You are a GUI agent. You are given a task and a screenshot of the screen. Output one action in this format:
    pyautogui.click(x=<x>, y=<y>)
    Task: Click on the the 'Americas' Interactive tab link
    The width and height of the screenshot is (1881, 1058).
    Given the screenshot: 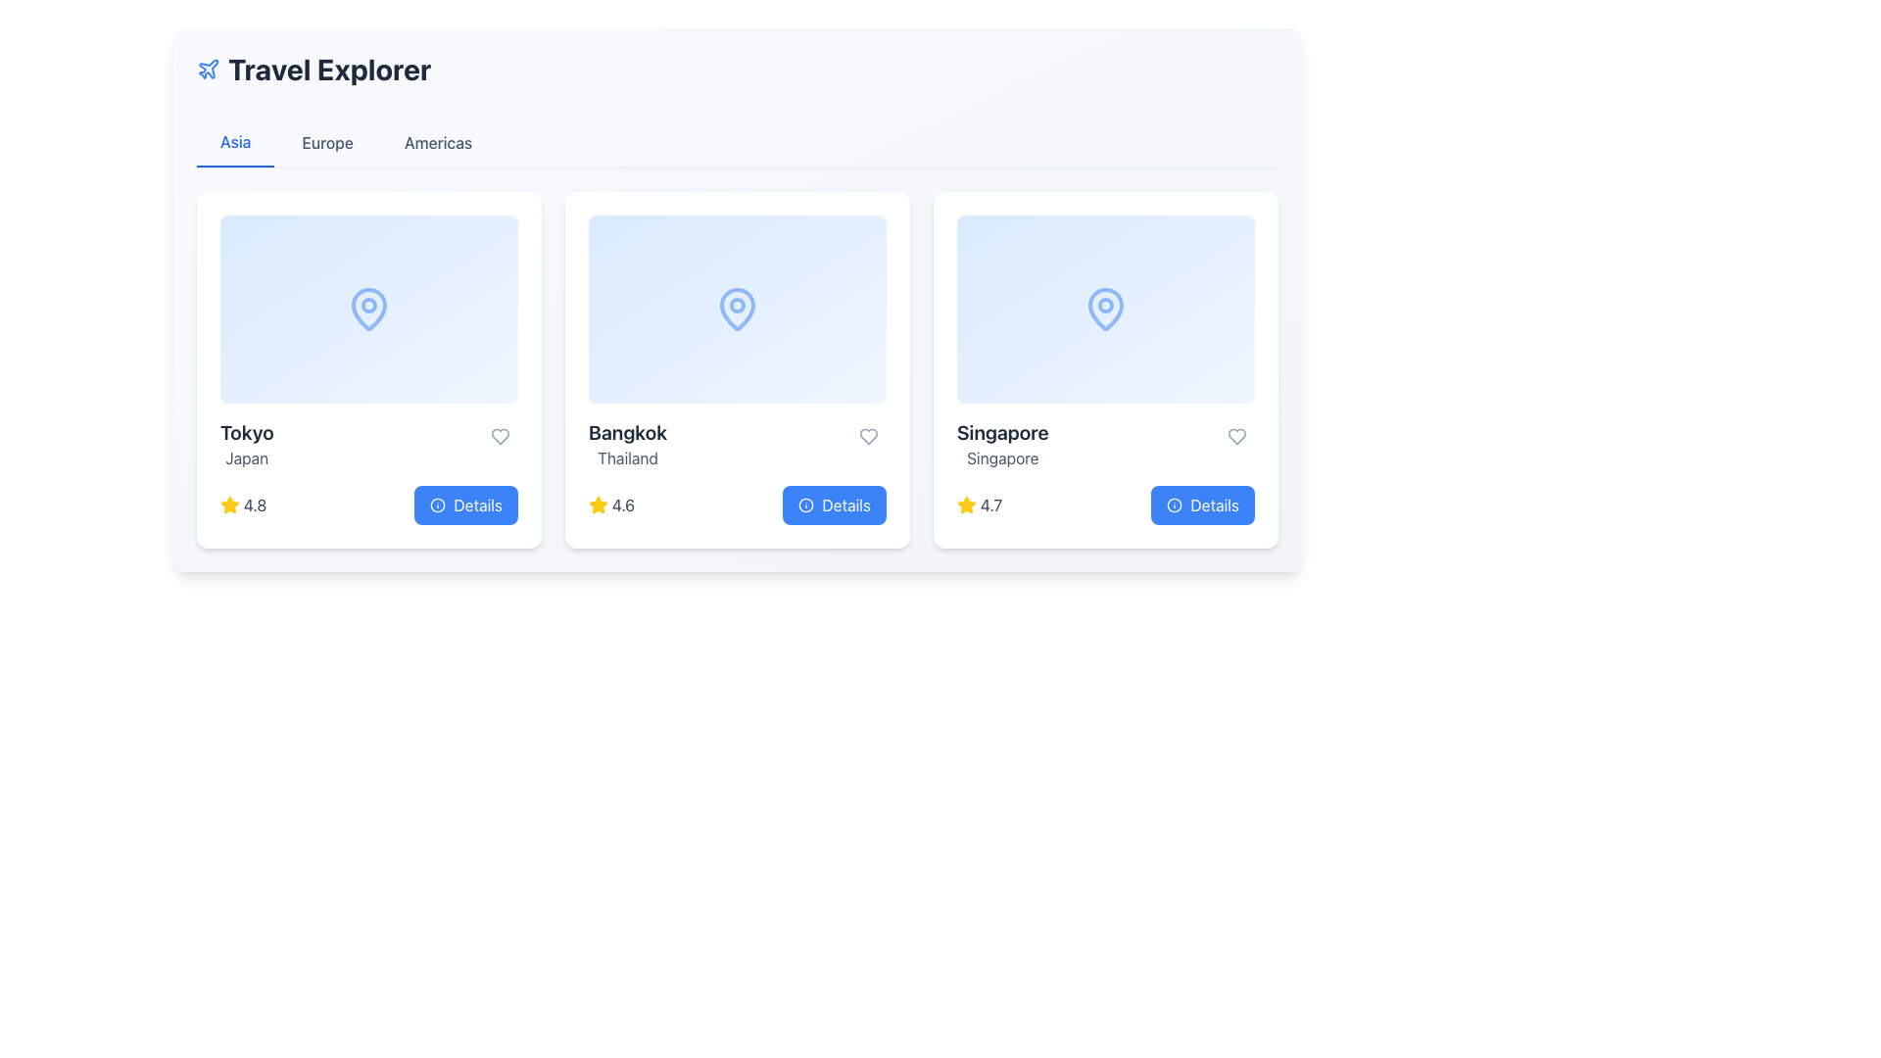 What is the action you would take?
    pyautogui.click(x=437, y=142)
    